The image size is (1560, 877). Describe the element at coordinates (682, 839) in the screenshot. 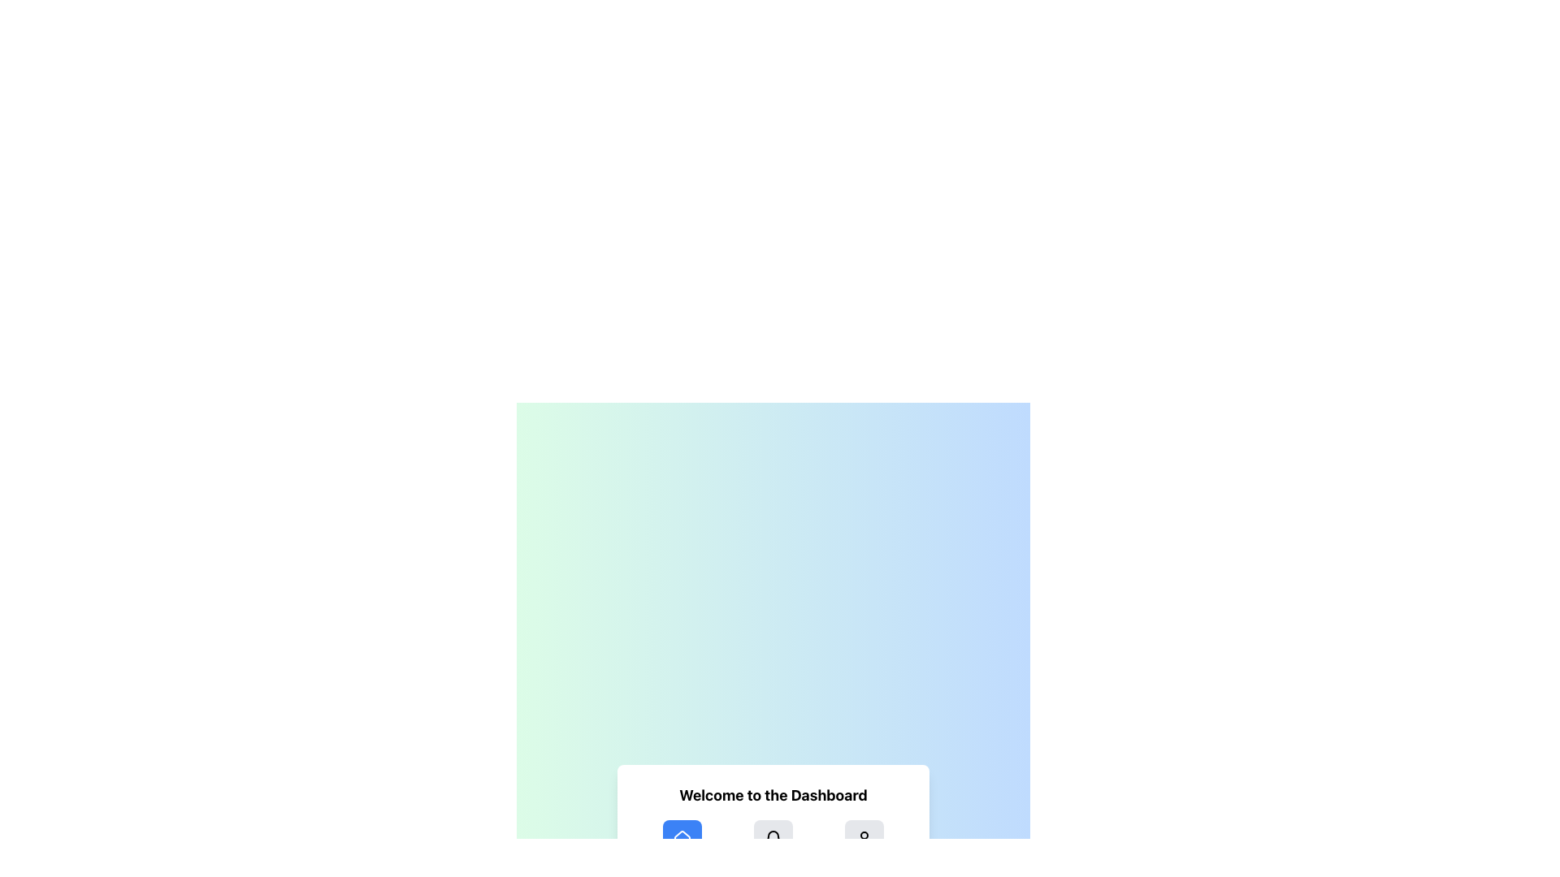

I see `the small house icon with a blue background and white details, located in the bottom-left area of the central panel` at that location.